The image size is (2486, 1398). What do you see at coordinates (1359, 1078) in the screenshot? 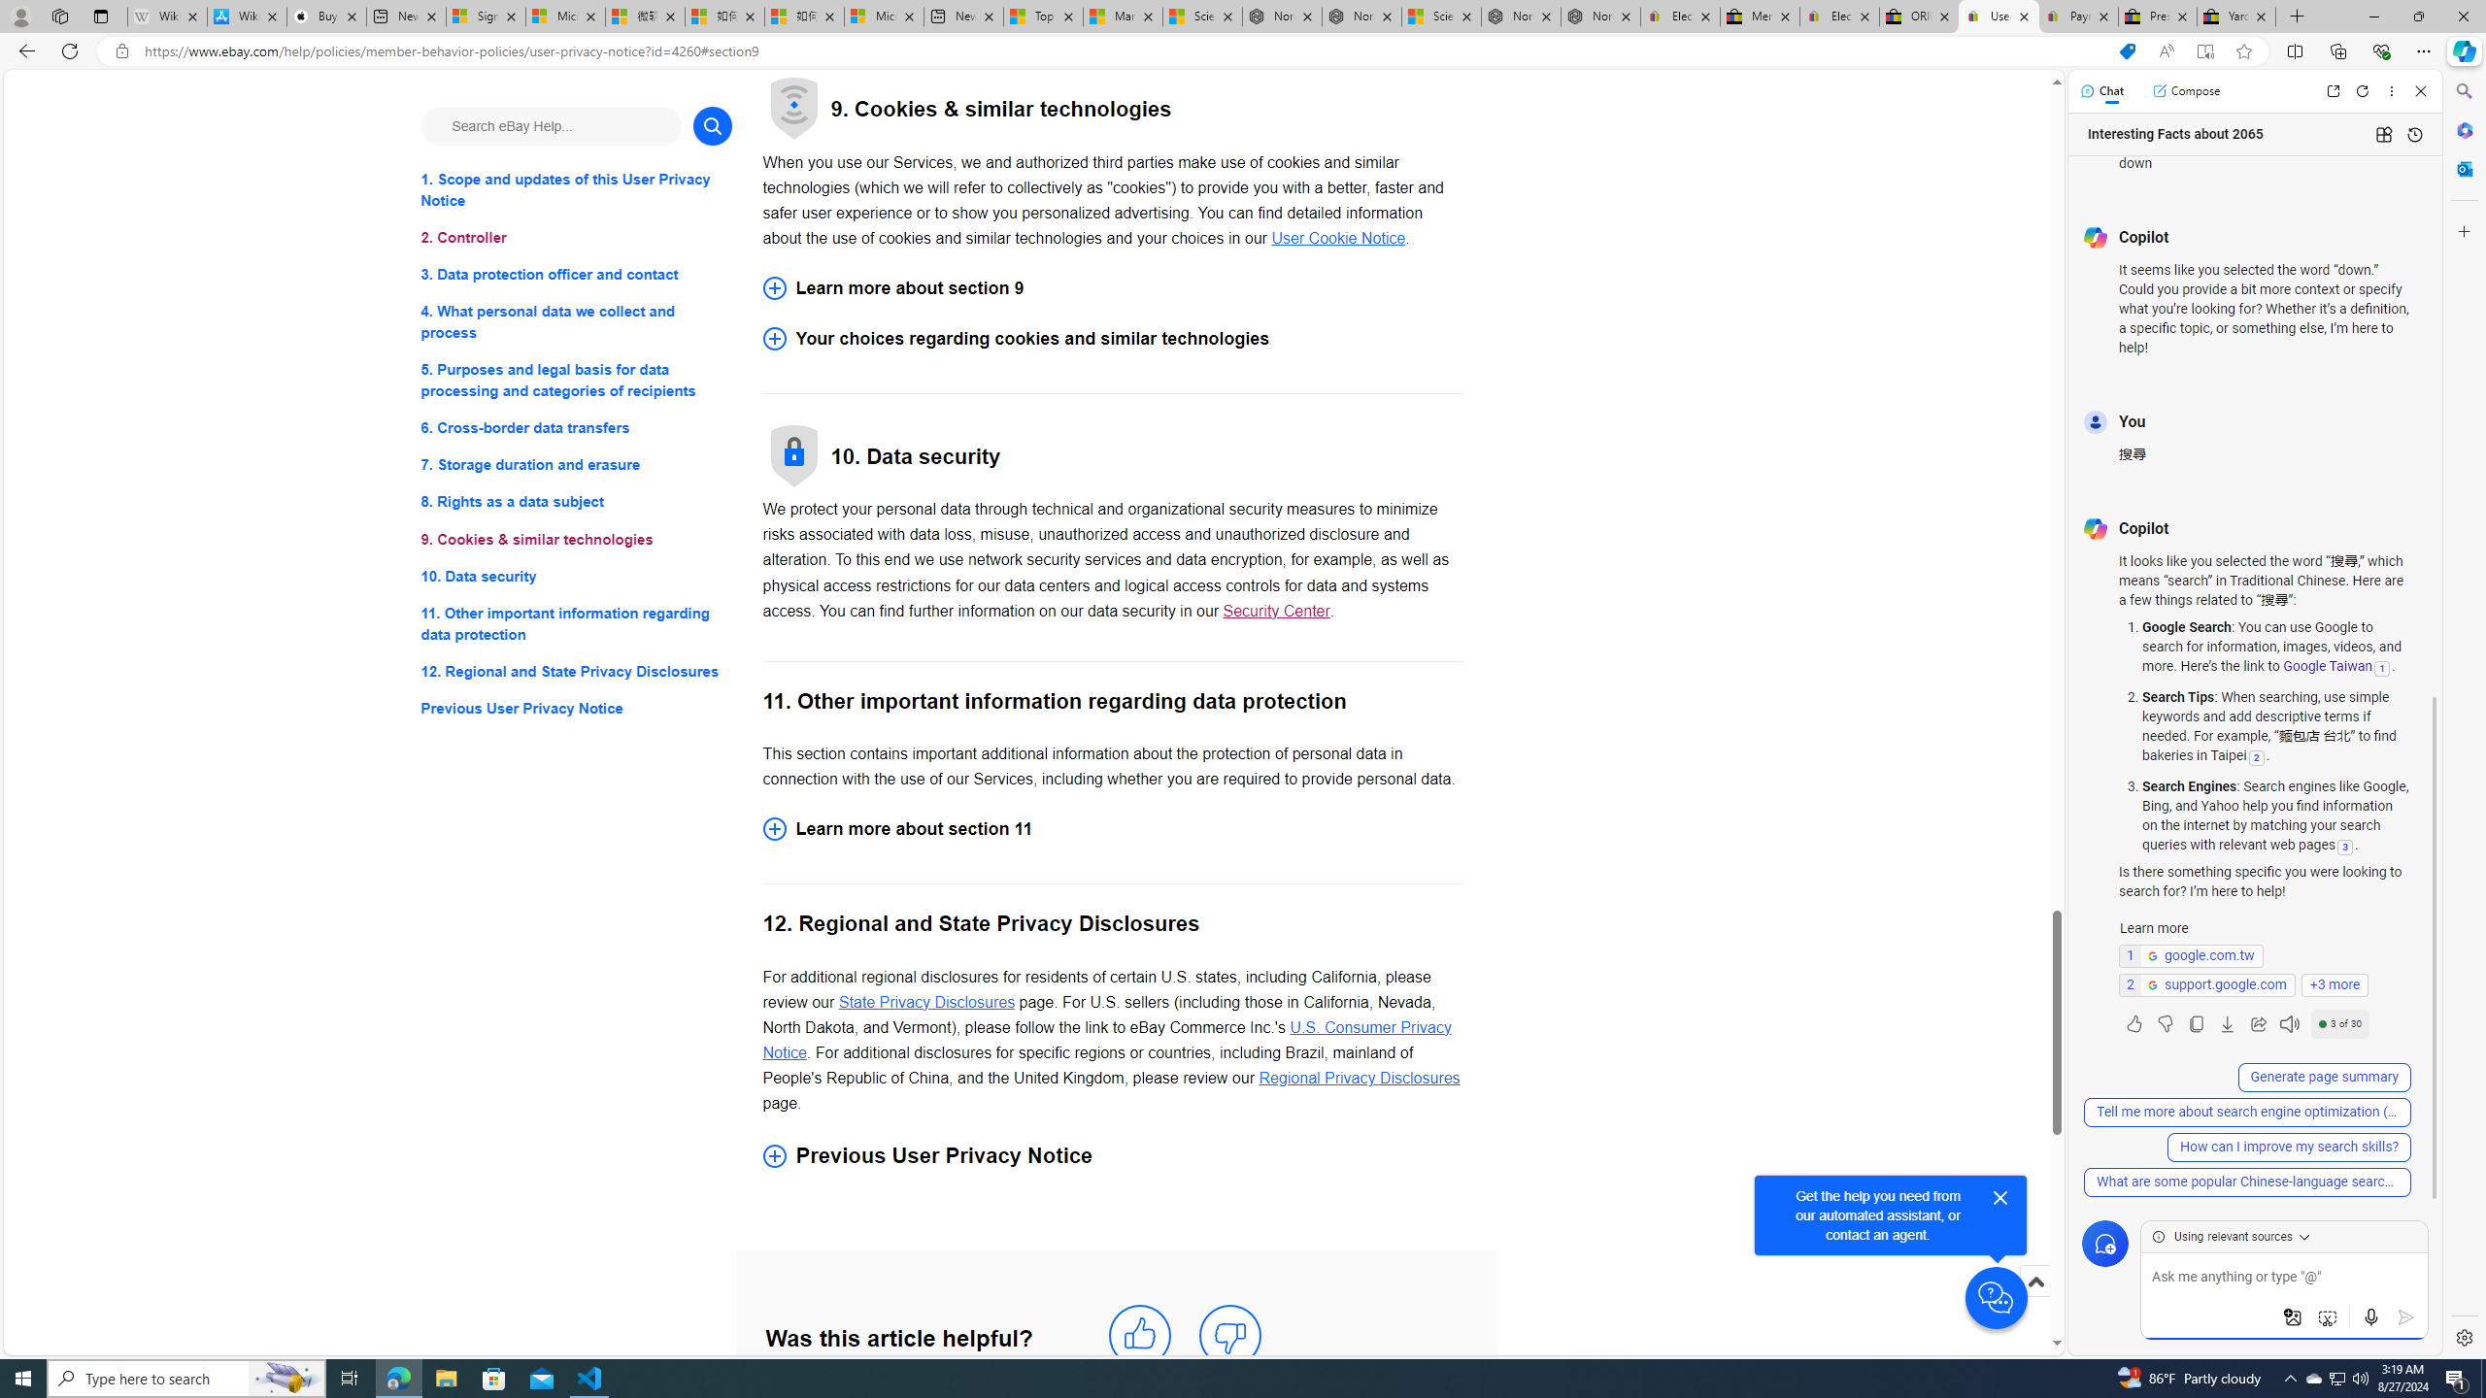
I see `'Regional Privacy Disclosures - opens in new window or tab'` at bounding box center [1359, 1078].